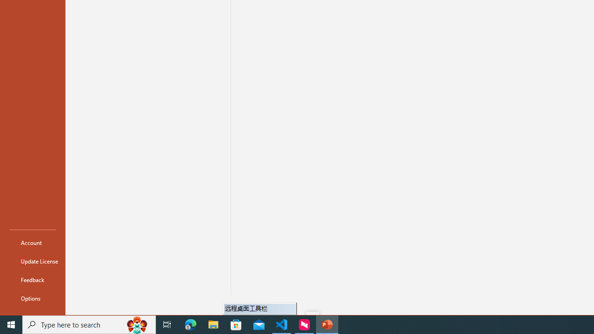 Image resolution: width=594 pixels, height=334 pixels. Describe the element at coordinates (327, 324) in the screenshot. I see `'PowerPoint - 1 running window'` at that location.